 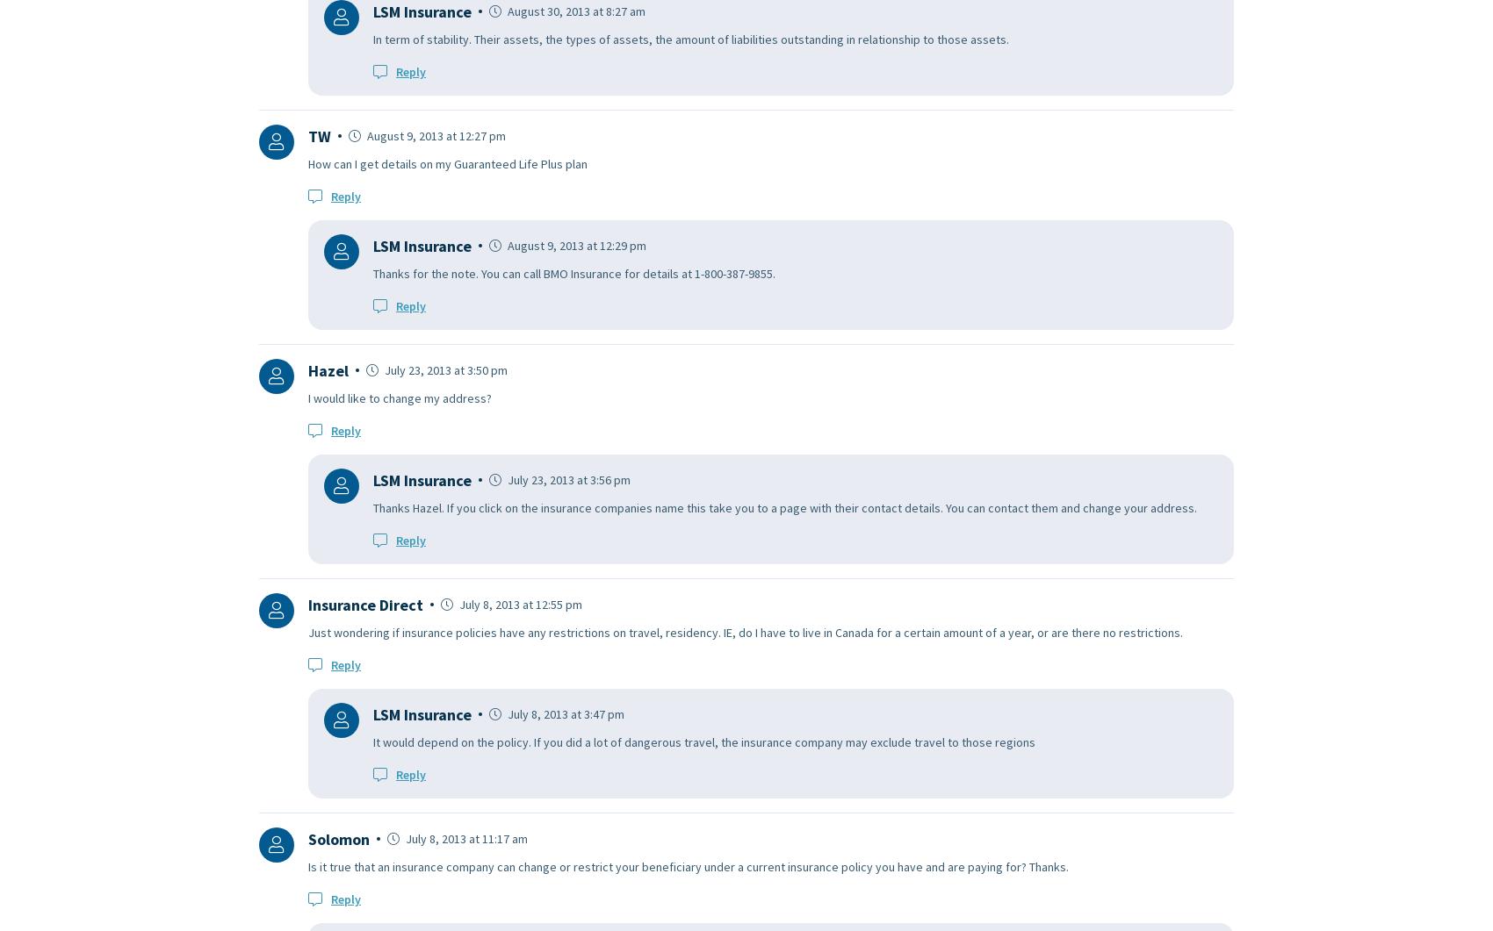 What do you see at coordinates (448, 161) in the screenshot?
I see `'How can I get details on my Guaranteed Life Plus plan'` at bounding box center [448, 161].